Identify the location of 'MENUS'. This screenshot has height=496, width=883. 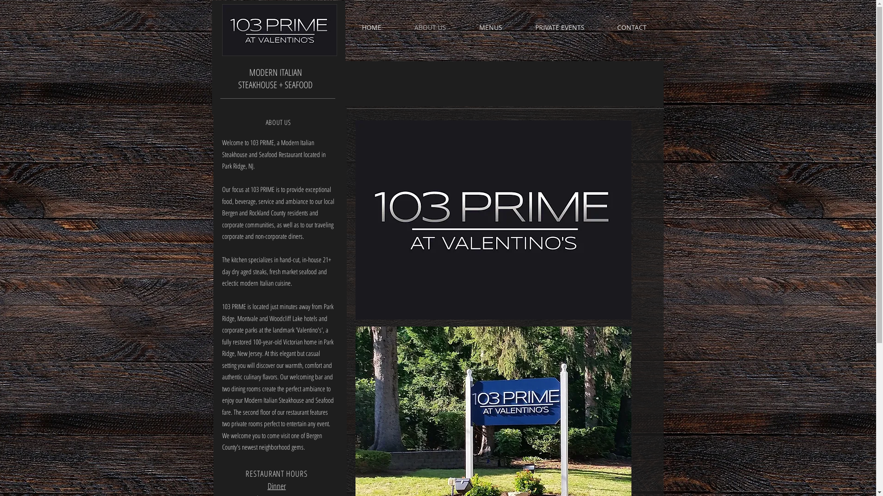
(463, 27).